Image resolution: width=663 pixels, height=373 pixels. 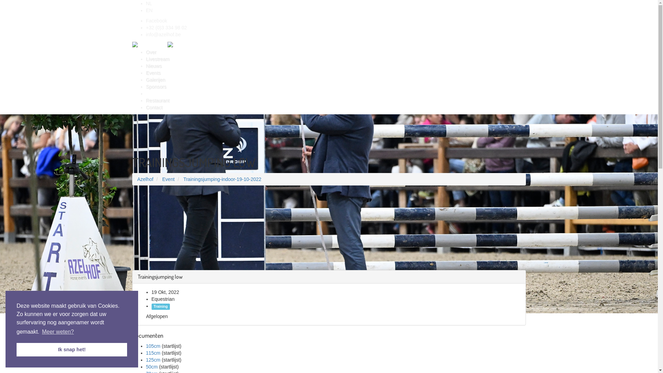 What do you see at coordinates (166, 27) in the screenshot?
I see `'+32 (0)3 334 98 02'` at bounding box center [166, 27].